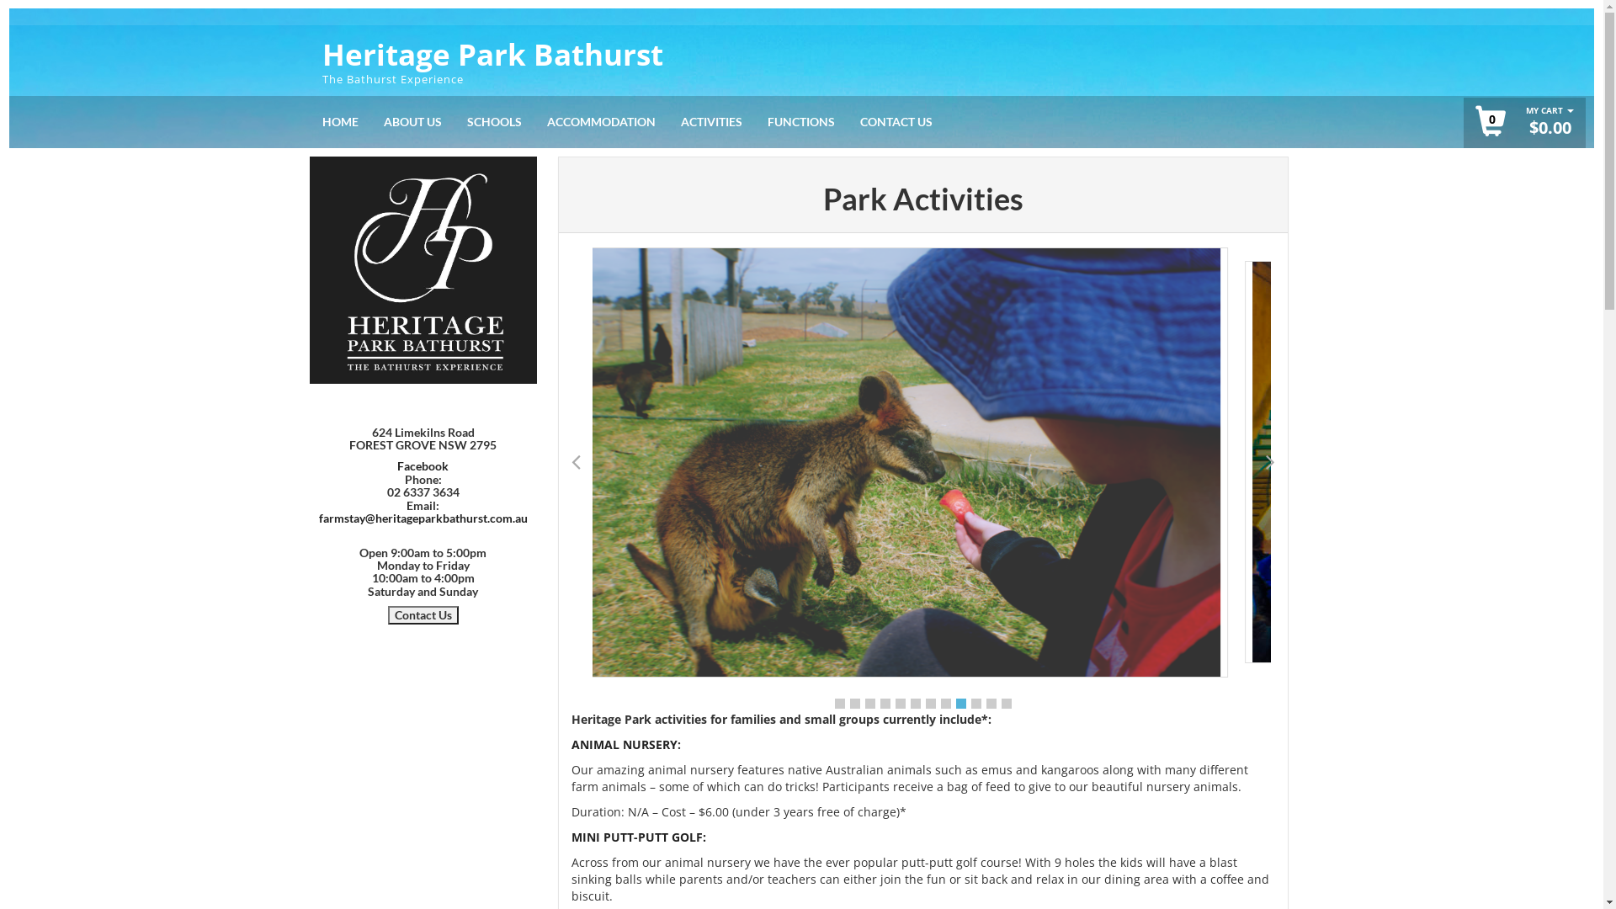 The width and height of the screenshot is (1616, 909). Describe the element at coordinates (1006, 704) in the screenshot. I see `'12'` at that location.